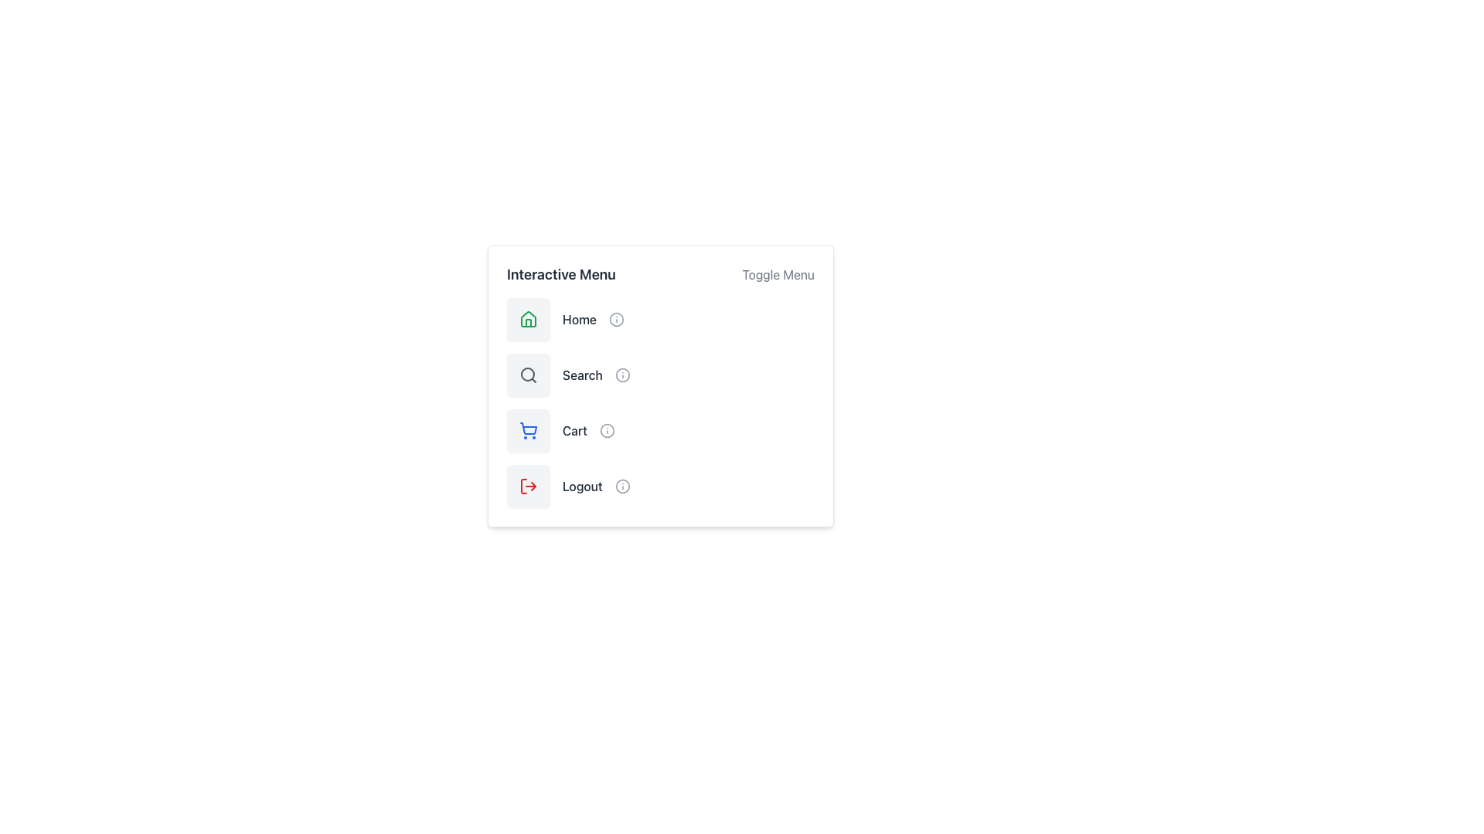  Describe the element at coordinates (529, 375) in the screenshot. I see `the search button located in the 'Interactive Menu', which is the second item below the 'Home' button and above the 'Cart' button, indicated by a magnifying glass icon` at that location.